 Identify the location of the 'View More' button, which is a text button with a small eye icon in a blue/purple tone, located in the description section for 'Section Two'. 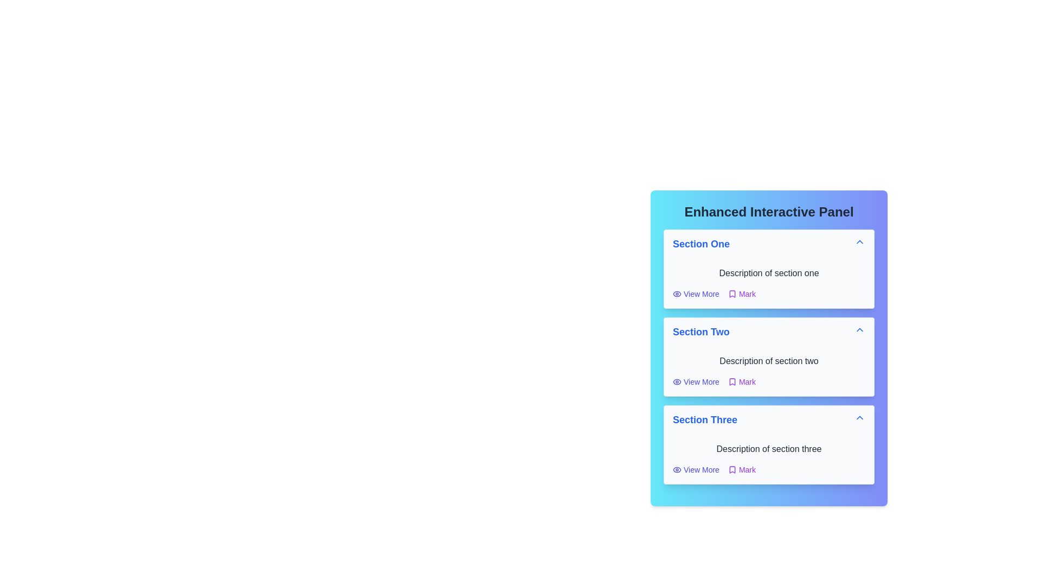
(696, 381).